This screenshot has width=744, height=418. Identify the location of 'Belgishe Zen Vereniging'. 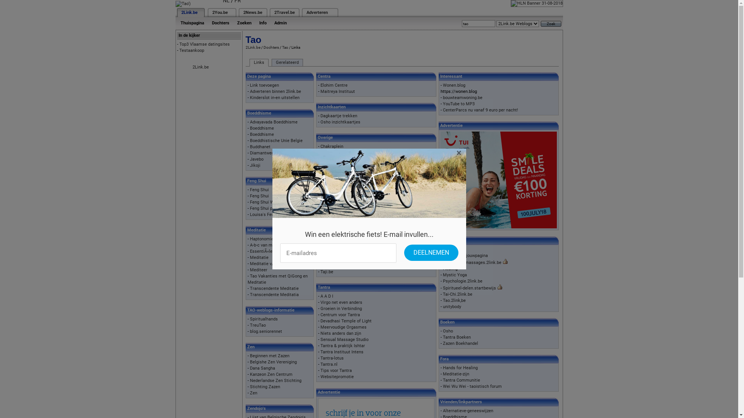
(273, 362).